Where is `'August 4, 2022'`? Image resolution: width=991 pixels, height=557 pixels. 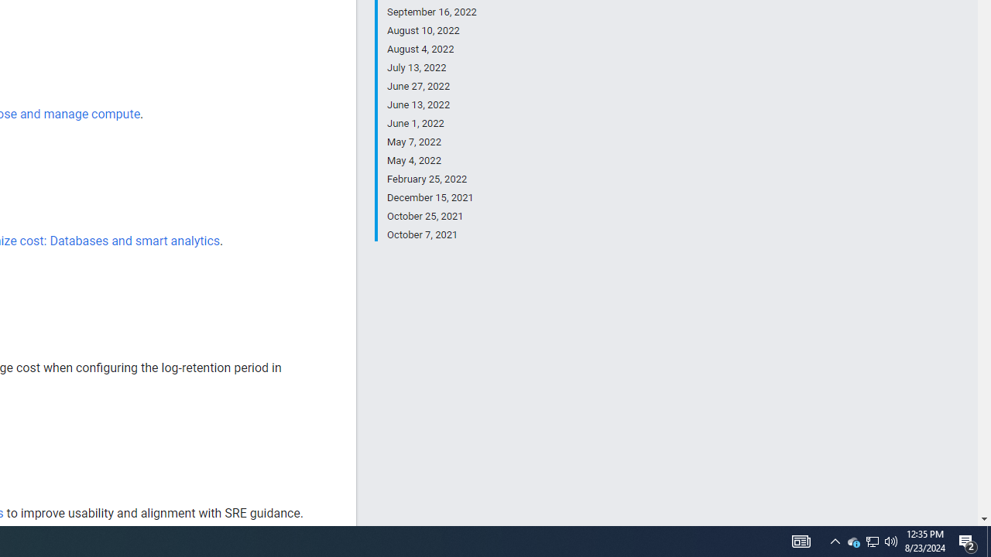
'August 4, 2022' is located at coordinates (431, 49).